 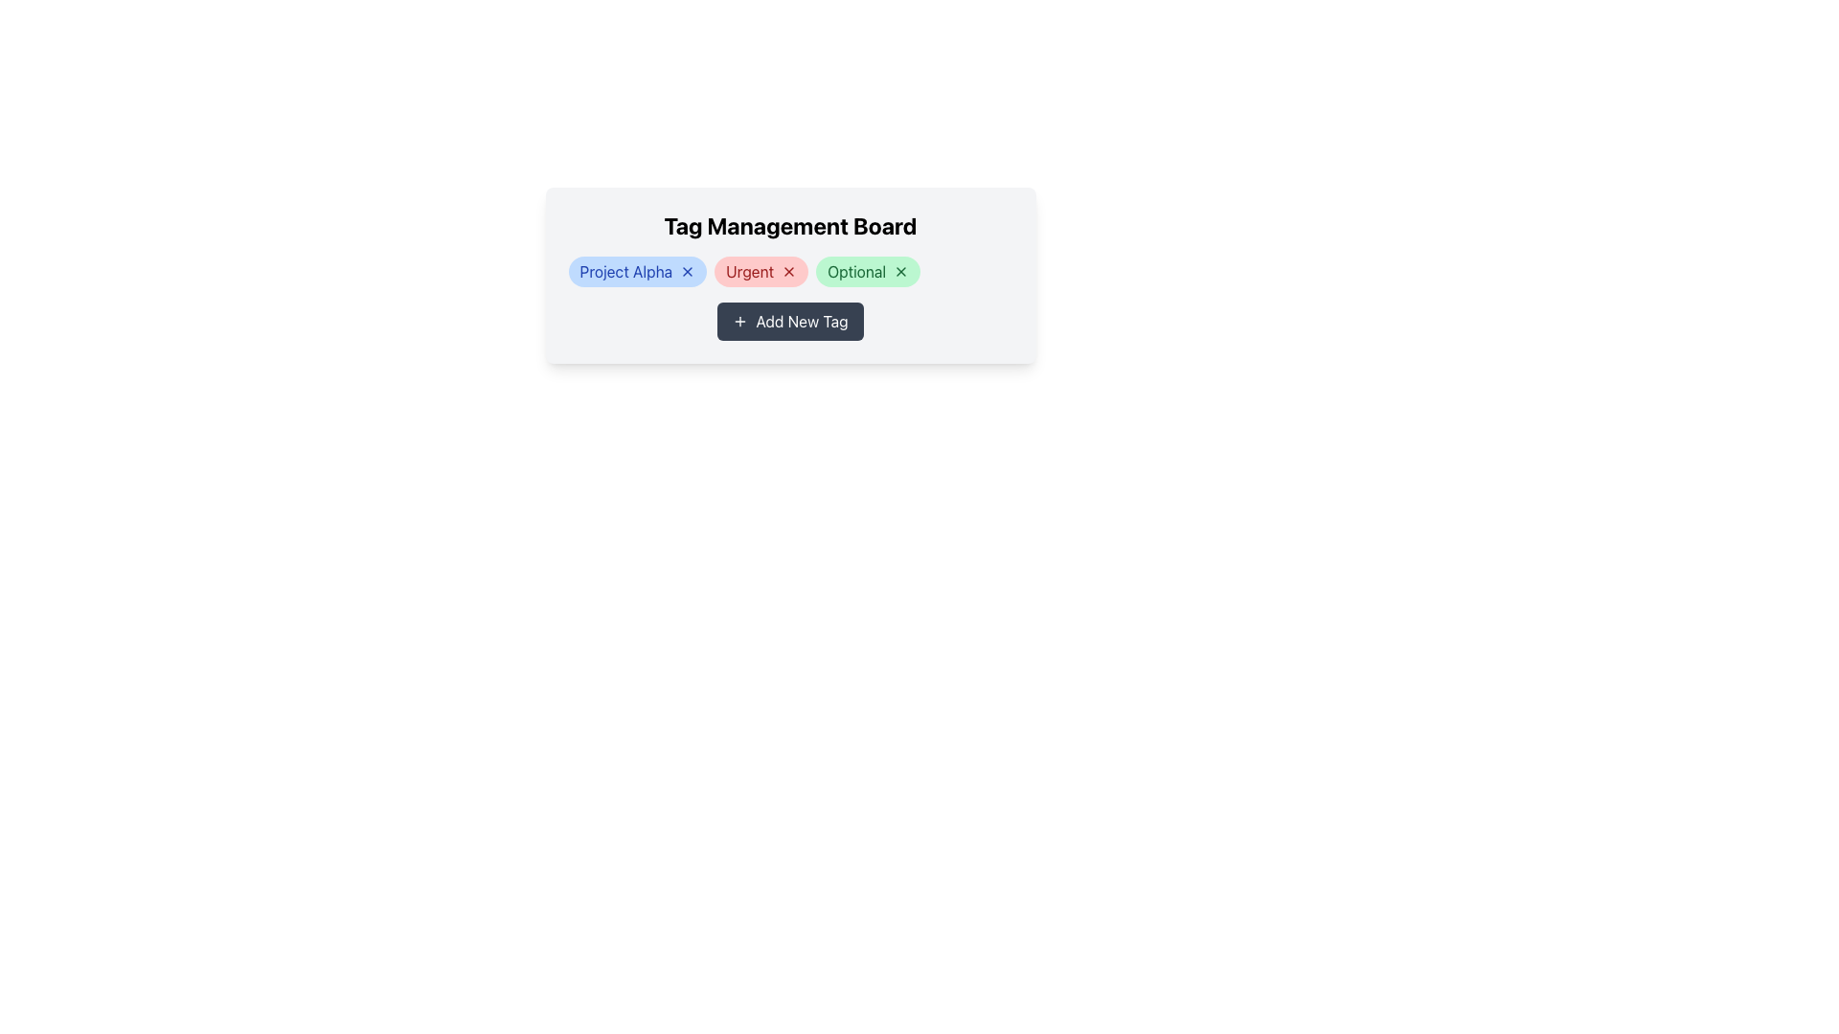 What do you see at coordinates (739, 320) in the screenshot?
I see `the button labeled 'Add New Tag' that contains the icon representing the action of adding a new item or tag to initiate the addition of a new tag` at bounding box center [739, 320].